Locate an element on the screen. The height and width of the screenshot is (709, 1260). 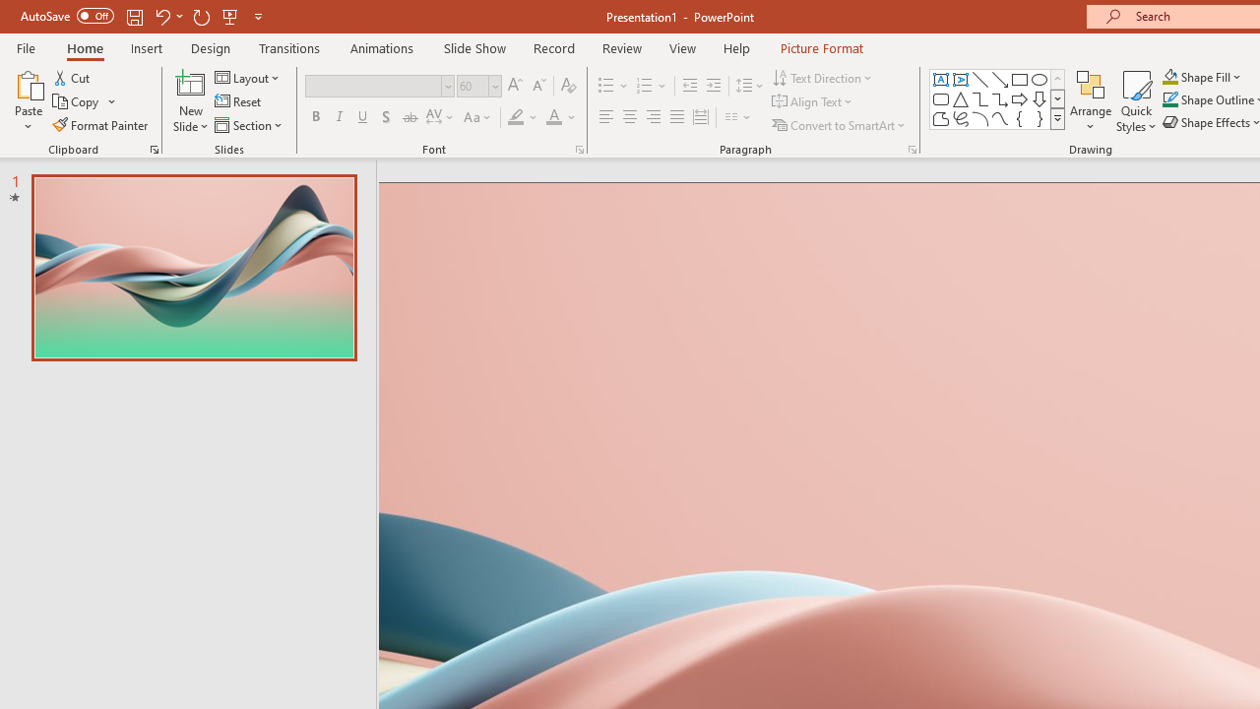
'From Beginning' is located at coordinates (230, 16).